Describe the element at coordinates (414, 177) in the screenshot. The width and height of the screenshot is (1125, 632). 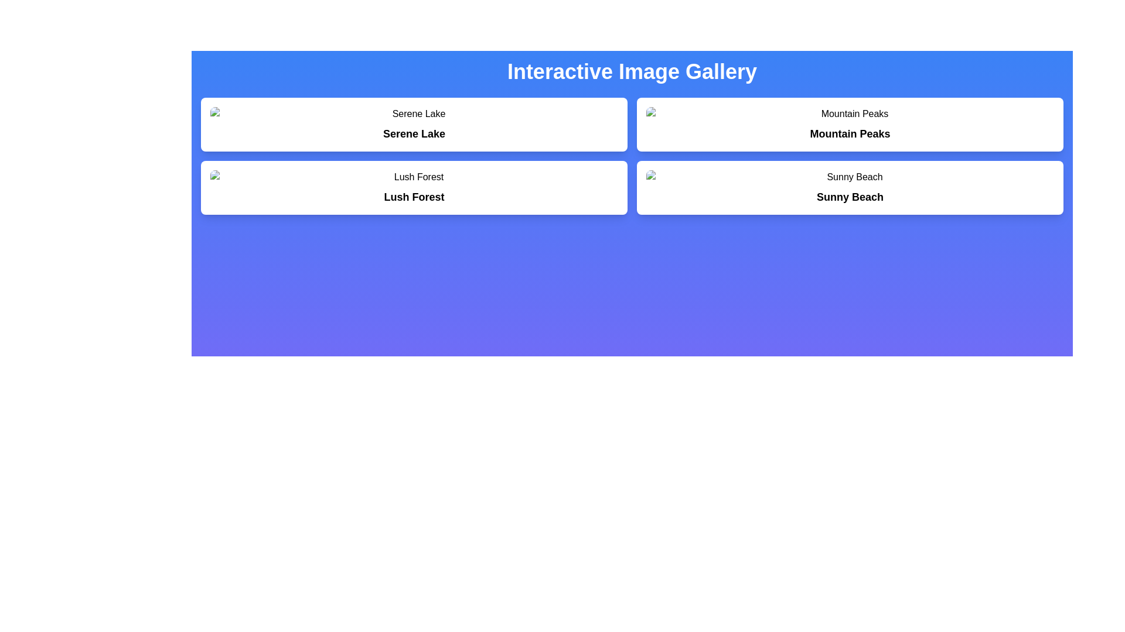
I see `the image placeholder thumbnail labeled 'Lush Forest' to interact with it` at that location.